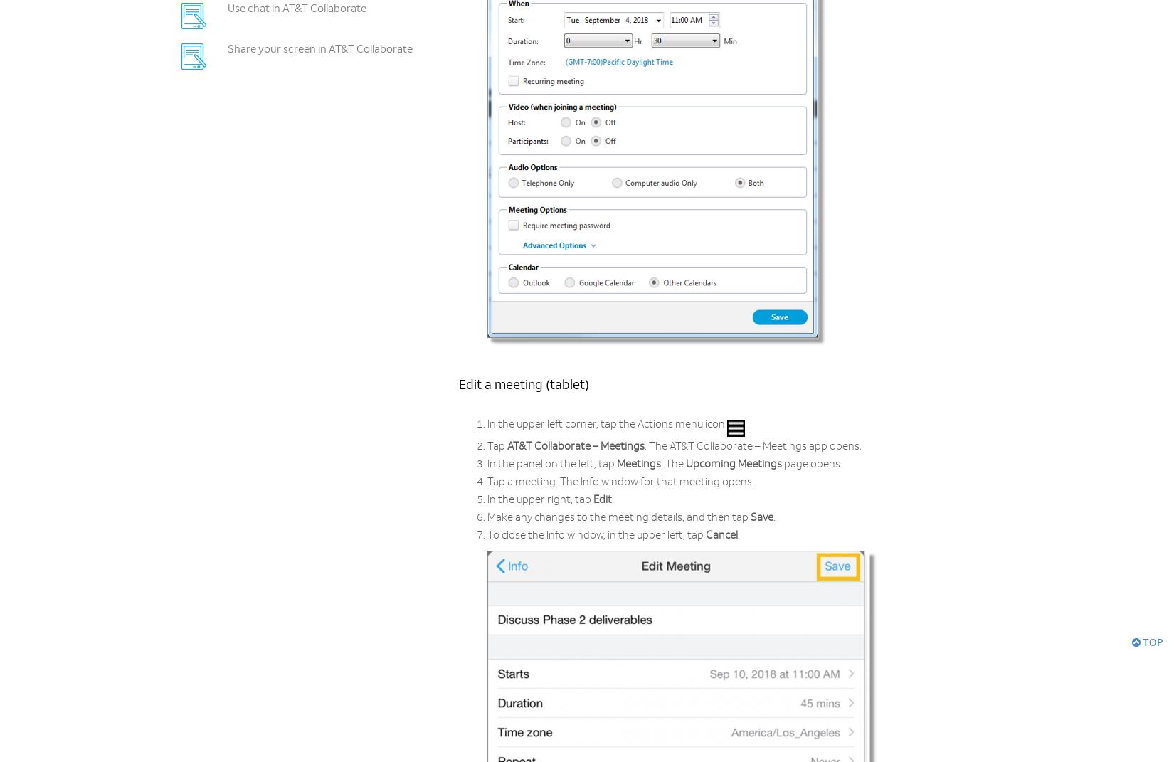  I want to click on 'Meetings', so click(638, 464).